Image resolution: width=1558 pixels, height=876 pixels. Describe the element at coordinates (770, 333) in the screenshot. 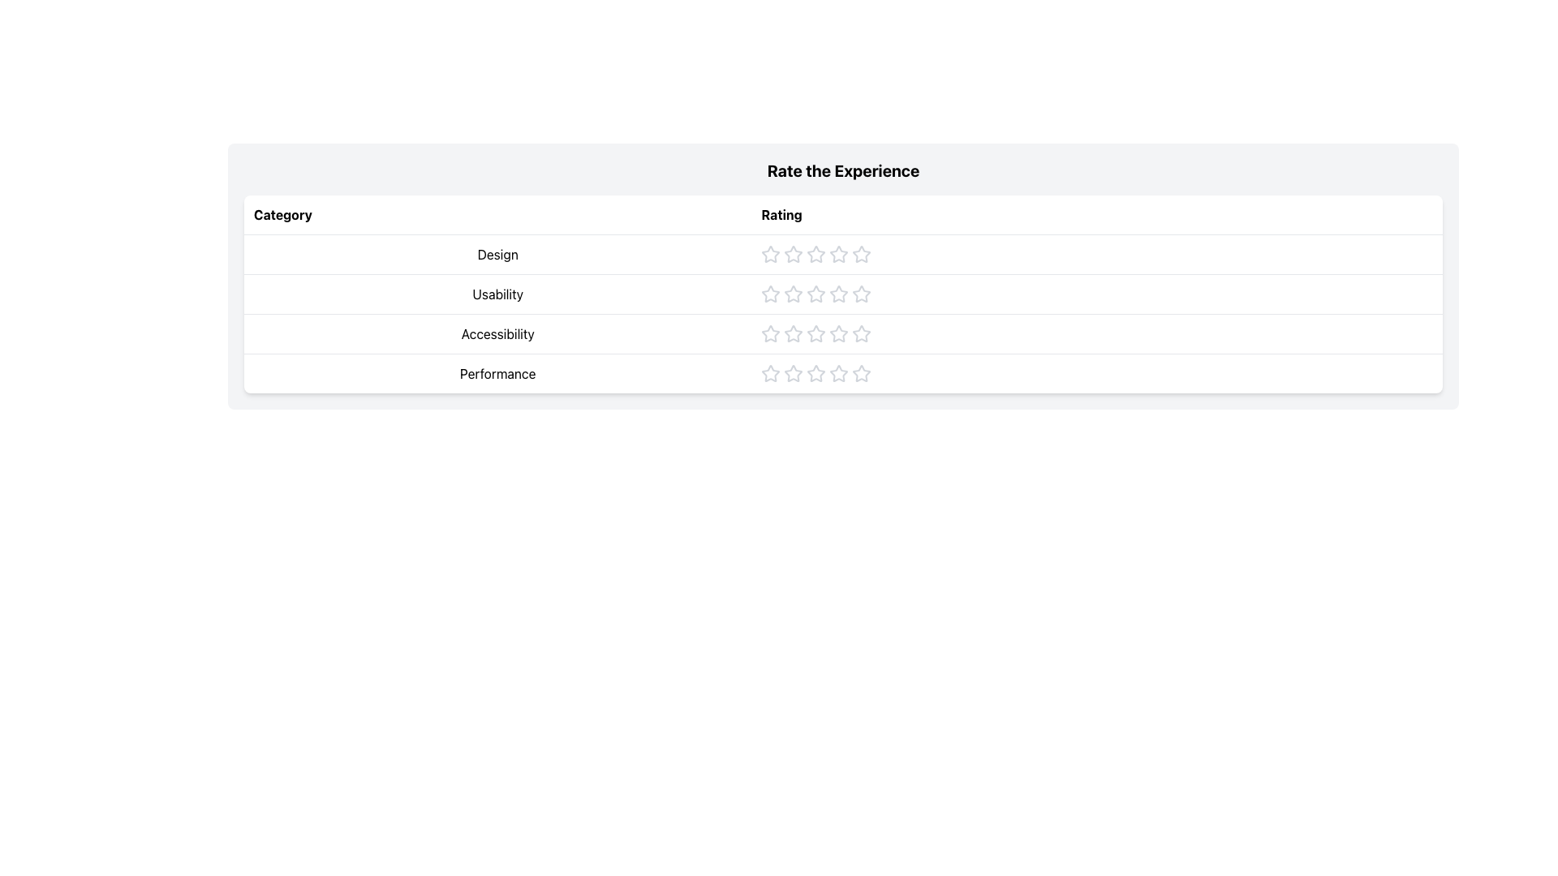

I see `the first star icon in the 'Accessibility' rating section` at that location.